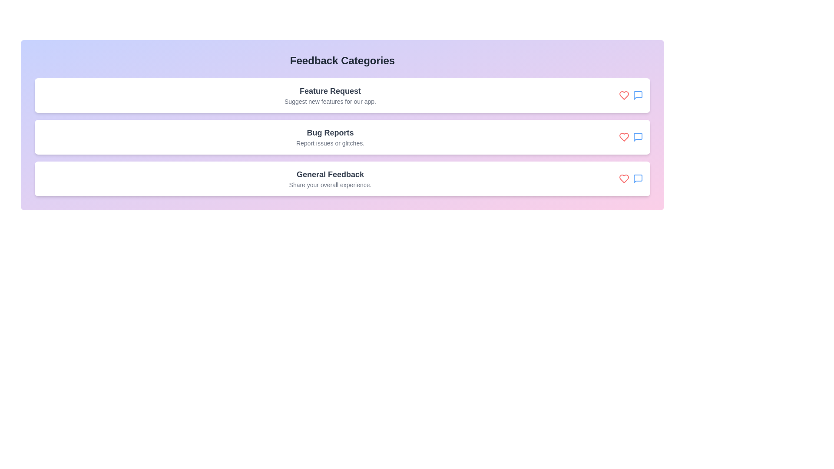 Image resolution: width=834 pixels, height=469 pixels. I want to click on the heart icon in the Bug Reports feedback item, so click(623, 137).